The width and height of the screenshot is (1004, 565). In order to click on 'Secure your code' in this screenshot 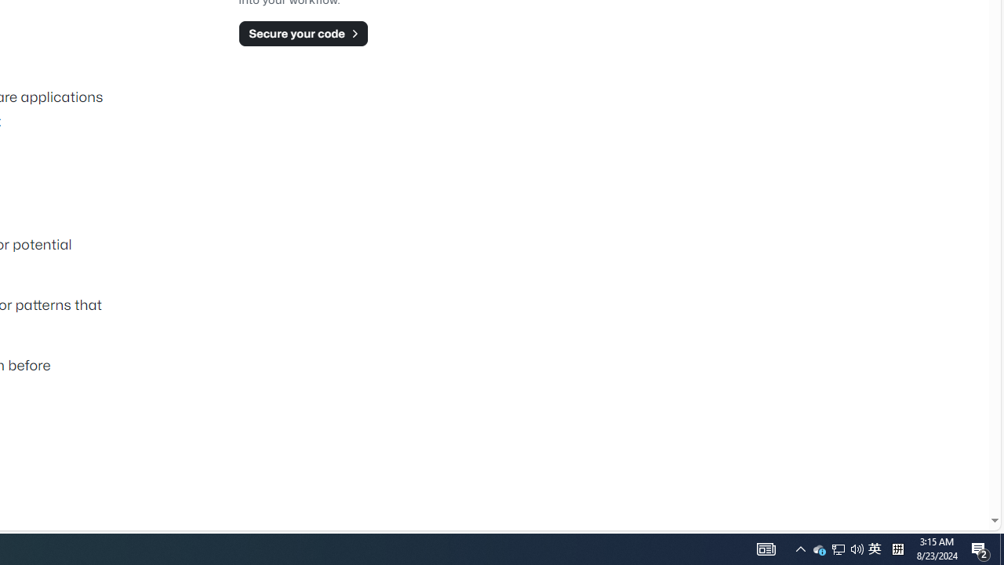, I will do `click(303, 33)`.